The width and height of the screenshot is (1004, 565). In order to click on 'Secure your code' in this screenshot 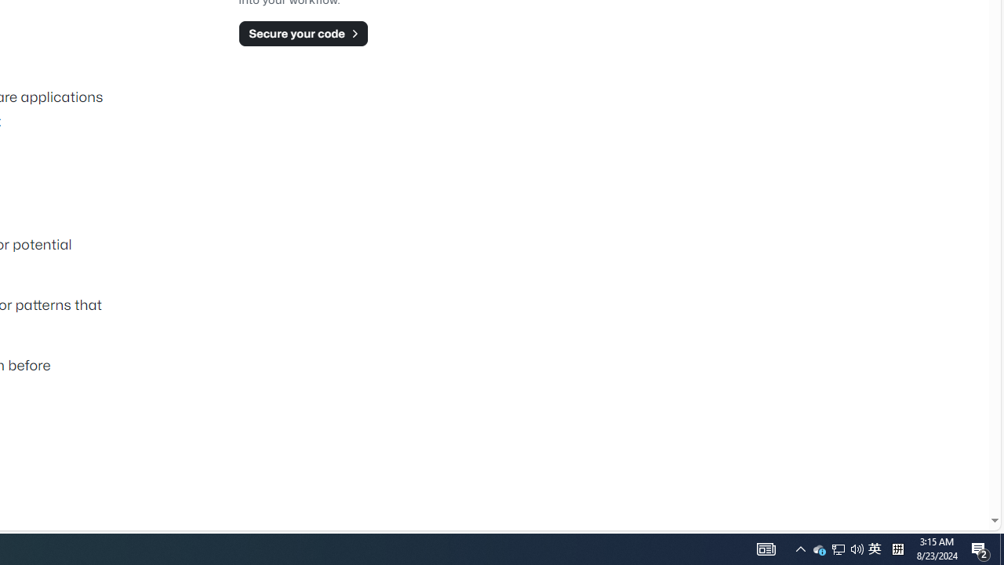, I will do `click(303, 33)`.